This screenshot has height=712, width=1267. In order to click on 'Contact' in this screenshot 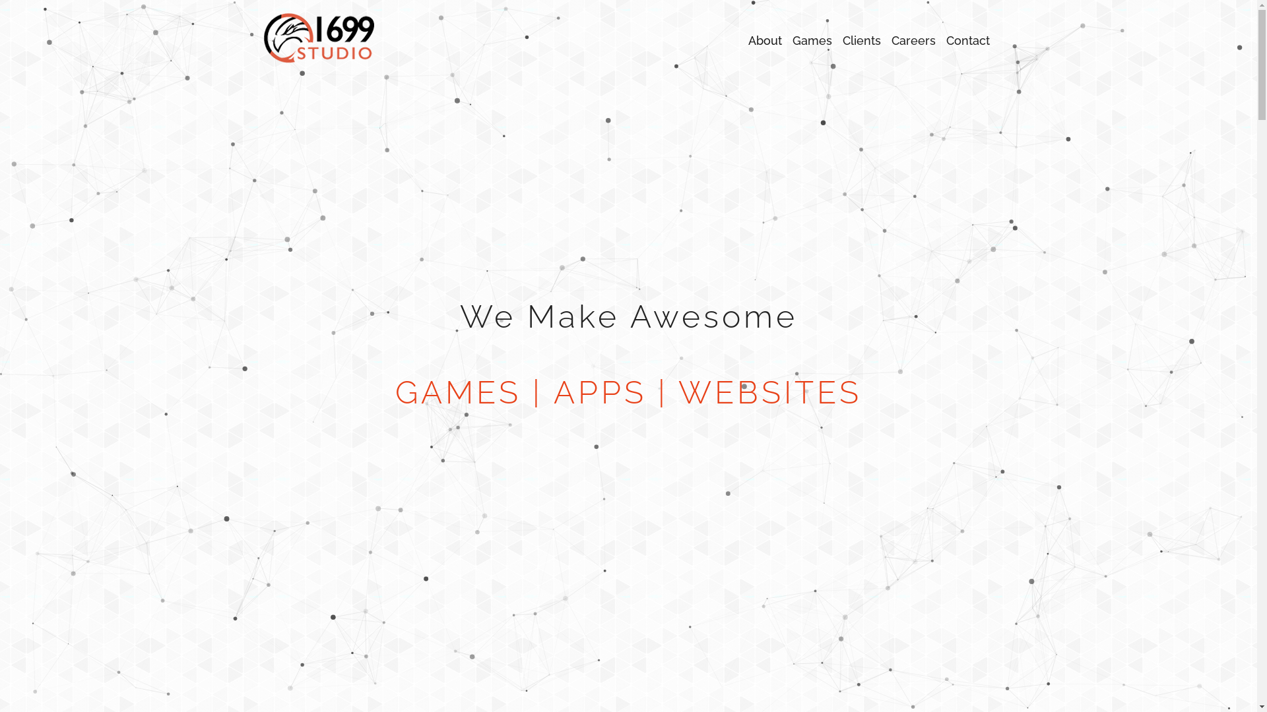, I will do `click(968, 40)`.